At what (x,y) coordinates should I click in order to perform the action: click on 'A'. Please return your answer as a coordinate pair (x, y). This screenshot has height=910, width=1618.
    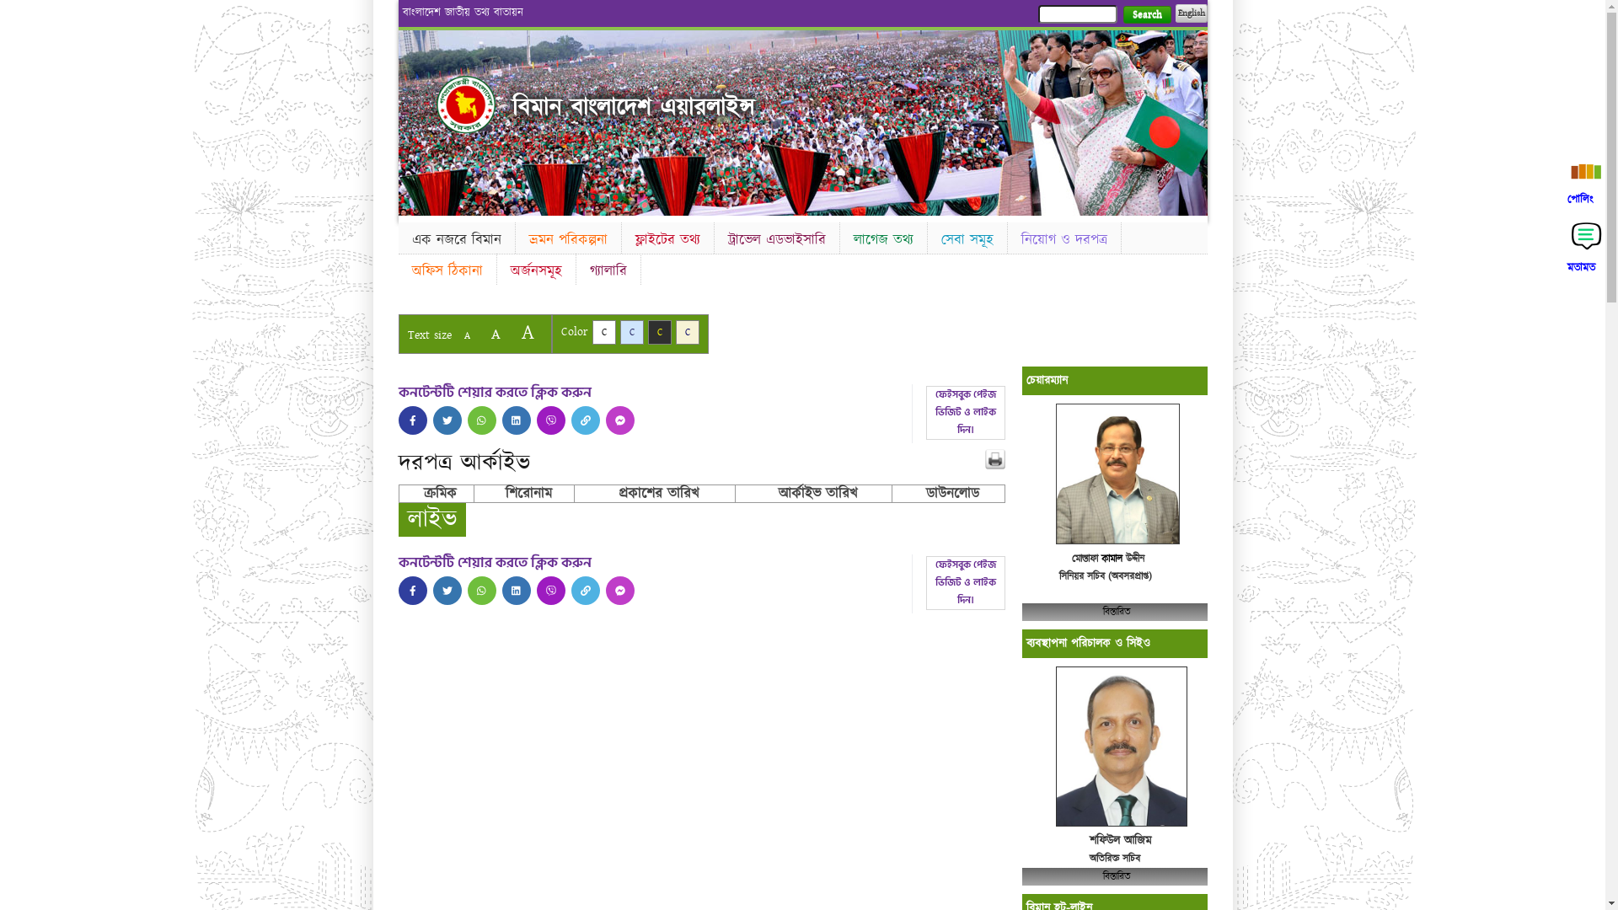
    Looking at the image, I should click on (494, 334).